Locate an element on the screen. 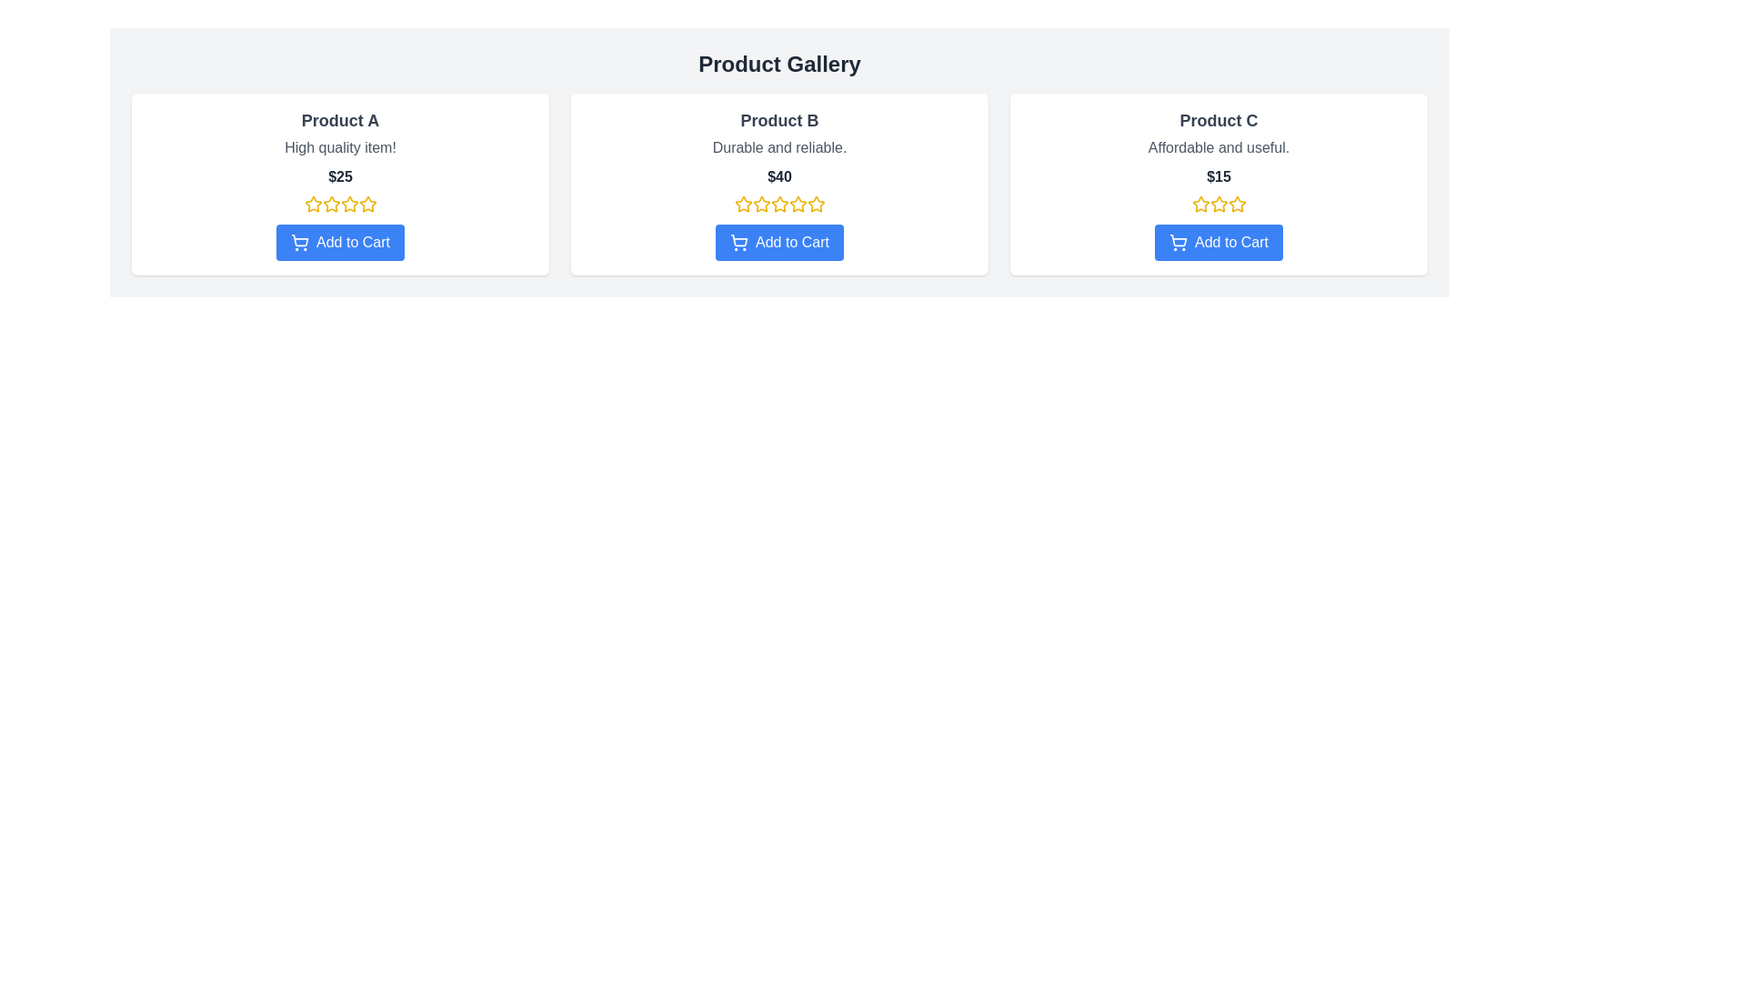 The width and height of the screenshot is (1746, 982). the second star is located at coordinates (366, 203).